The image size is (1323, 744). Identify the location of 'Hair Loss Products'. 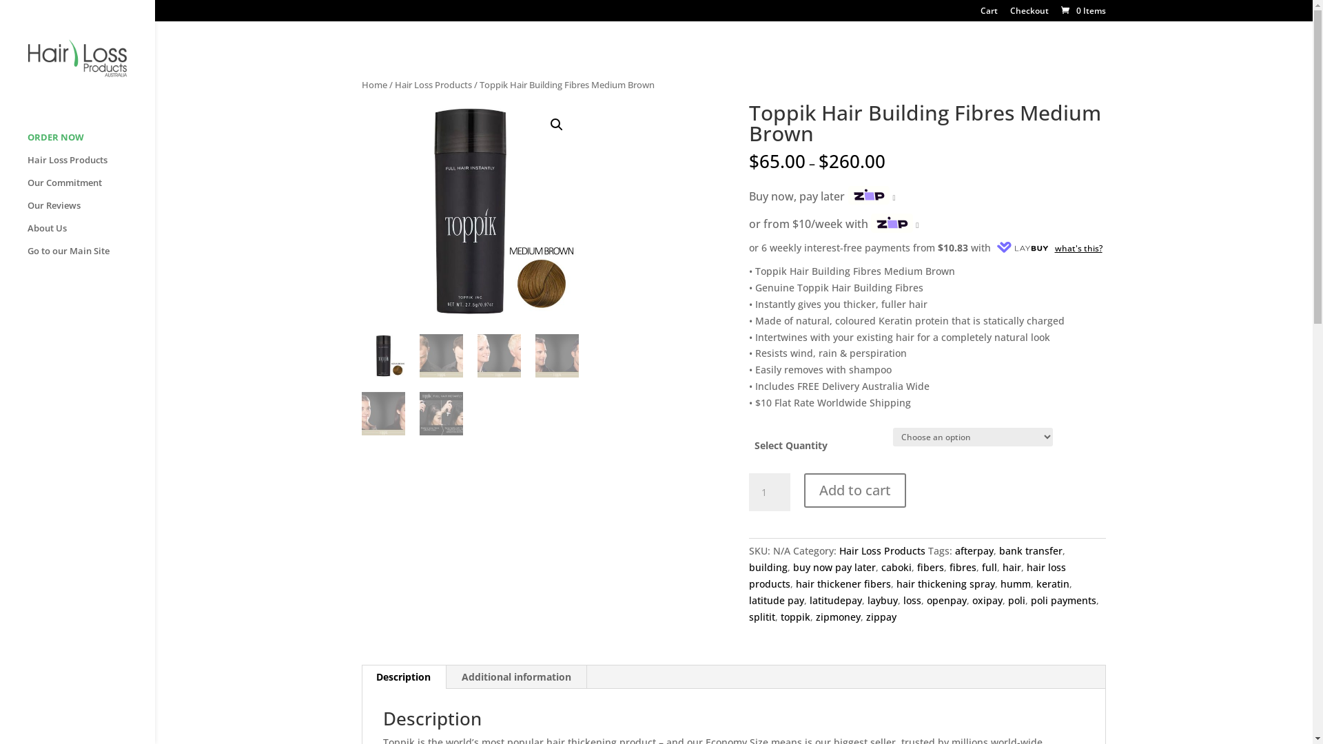
(432, 85).